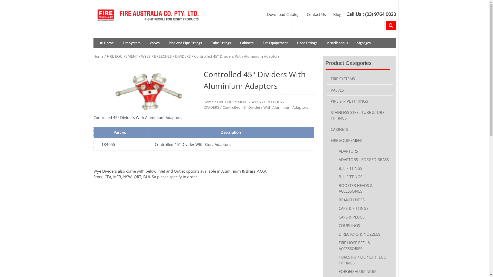  Describe the element at coordinates (353, 208) in the screenshot. I see `'CAPS & FITTINGS'` at that location.